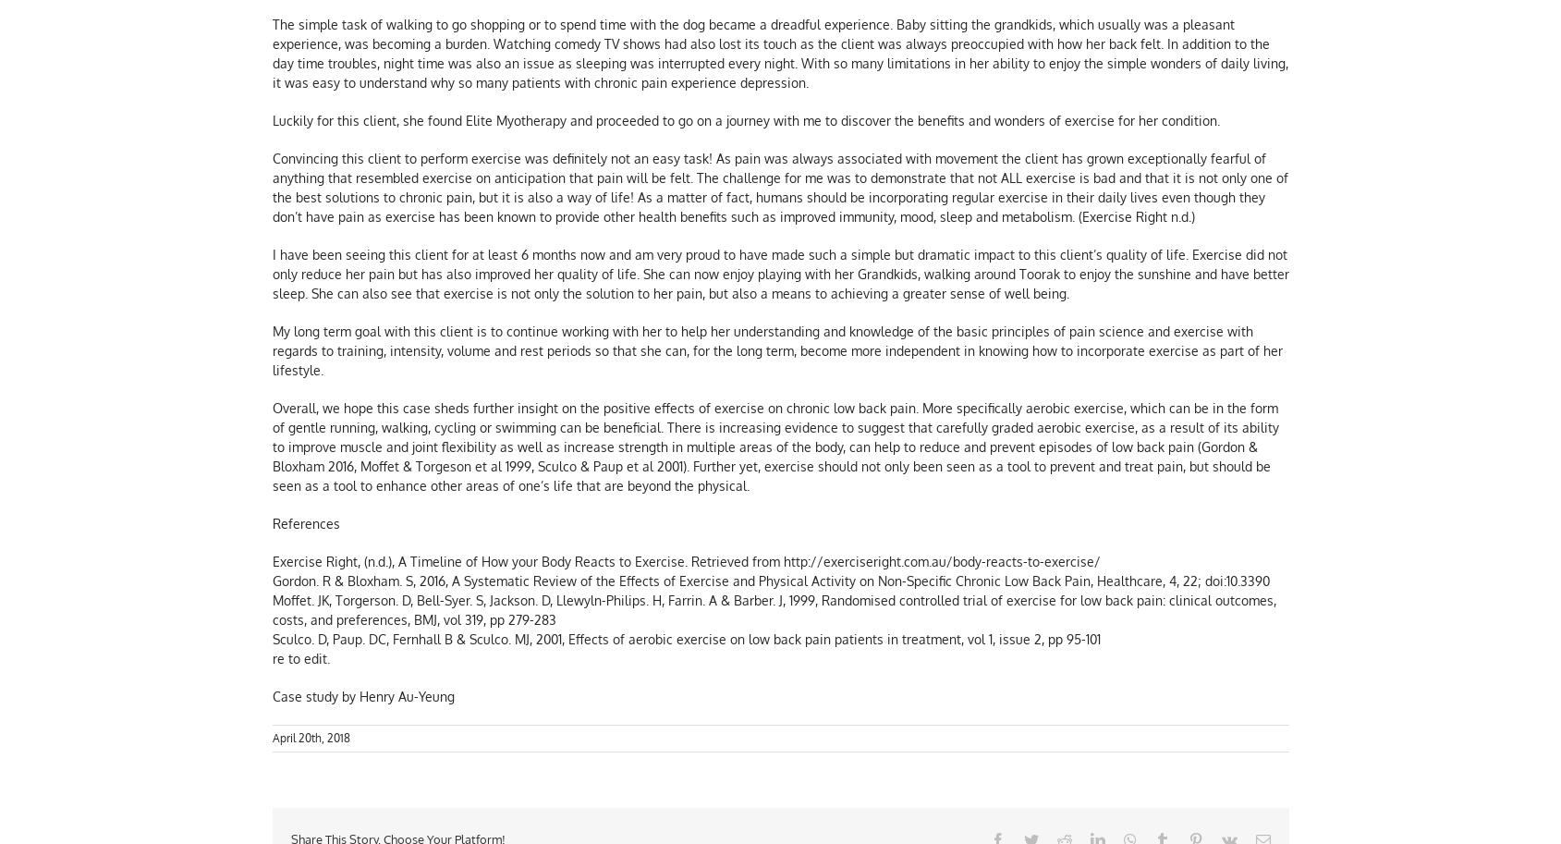 This screenshot has width=1561, height=844. Describe the element at coordinates (272, 352) in the screenshot. I see `'My long term goal with this client is to continue working with her to help her understanding and knowledge of the basic principles of pain science and exercise with regards to training, intensity, volume and rest periods so that she can, for the long term, become more independent in knowing how to incorporate exercise as part of her lifestyle.'` at that location.